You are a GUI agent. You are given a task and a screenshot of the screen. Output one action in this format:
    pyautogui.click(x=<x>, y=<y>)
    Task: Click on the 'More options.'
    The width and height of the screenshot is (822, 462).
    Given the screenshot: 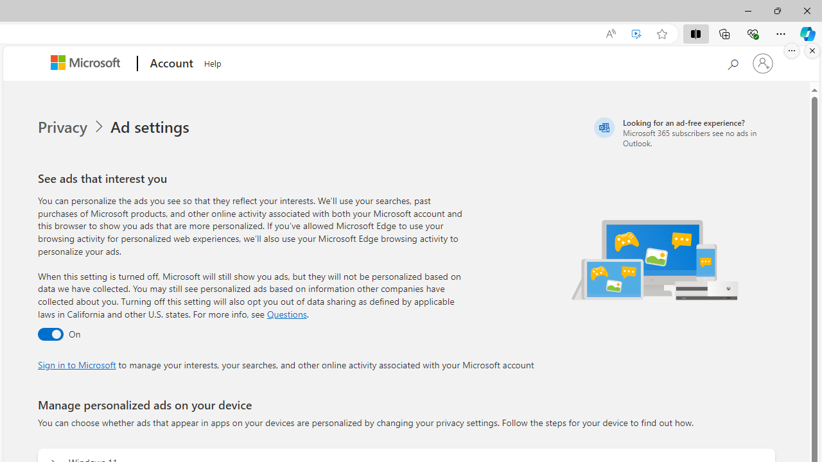 What is the action you would take?
    pyautogui.click(x=791, y=50)
    